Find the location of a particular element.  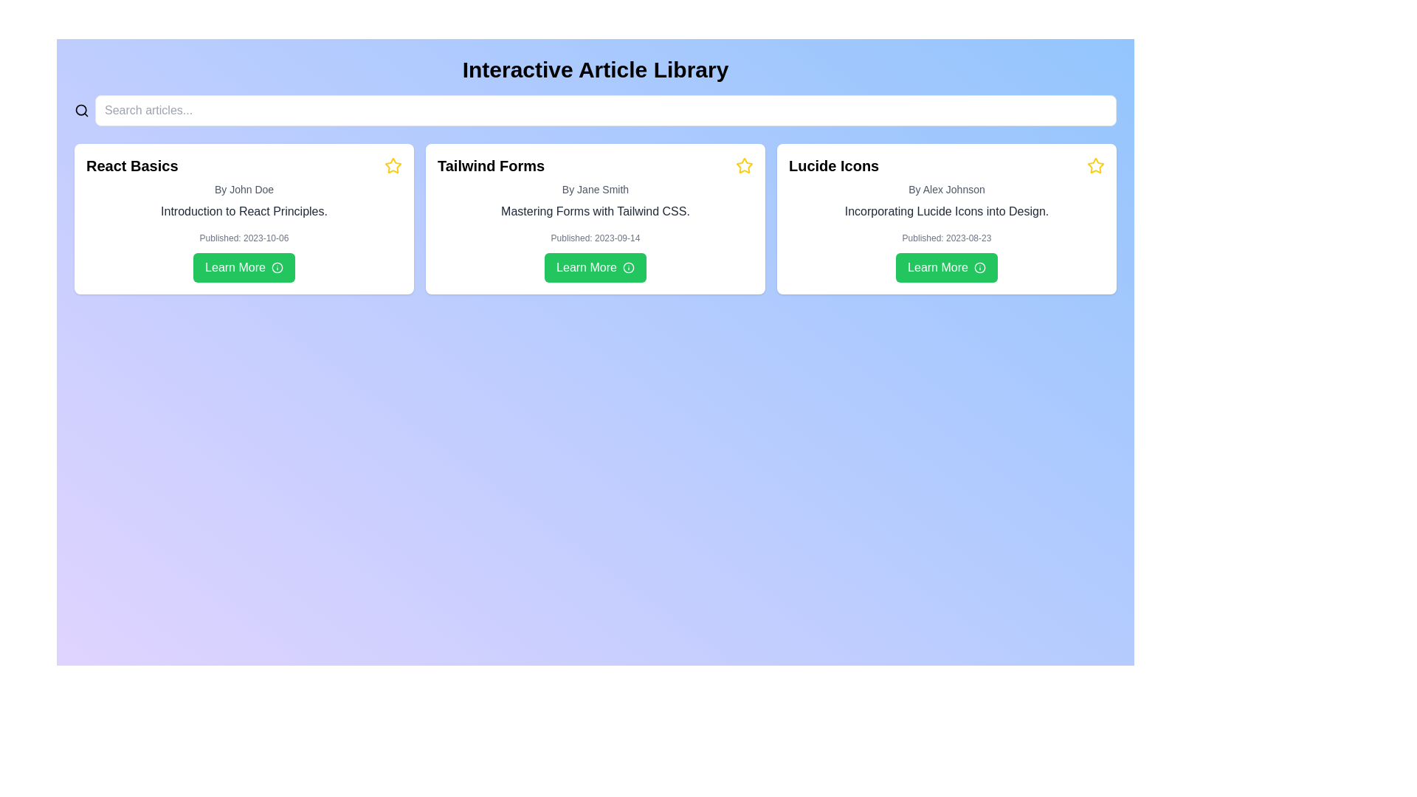

the star icon located in the top-right corner of the 'Lucide Icons' card is located at coordinates (1094, 165).